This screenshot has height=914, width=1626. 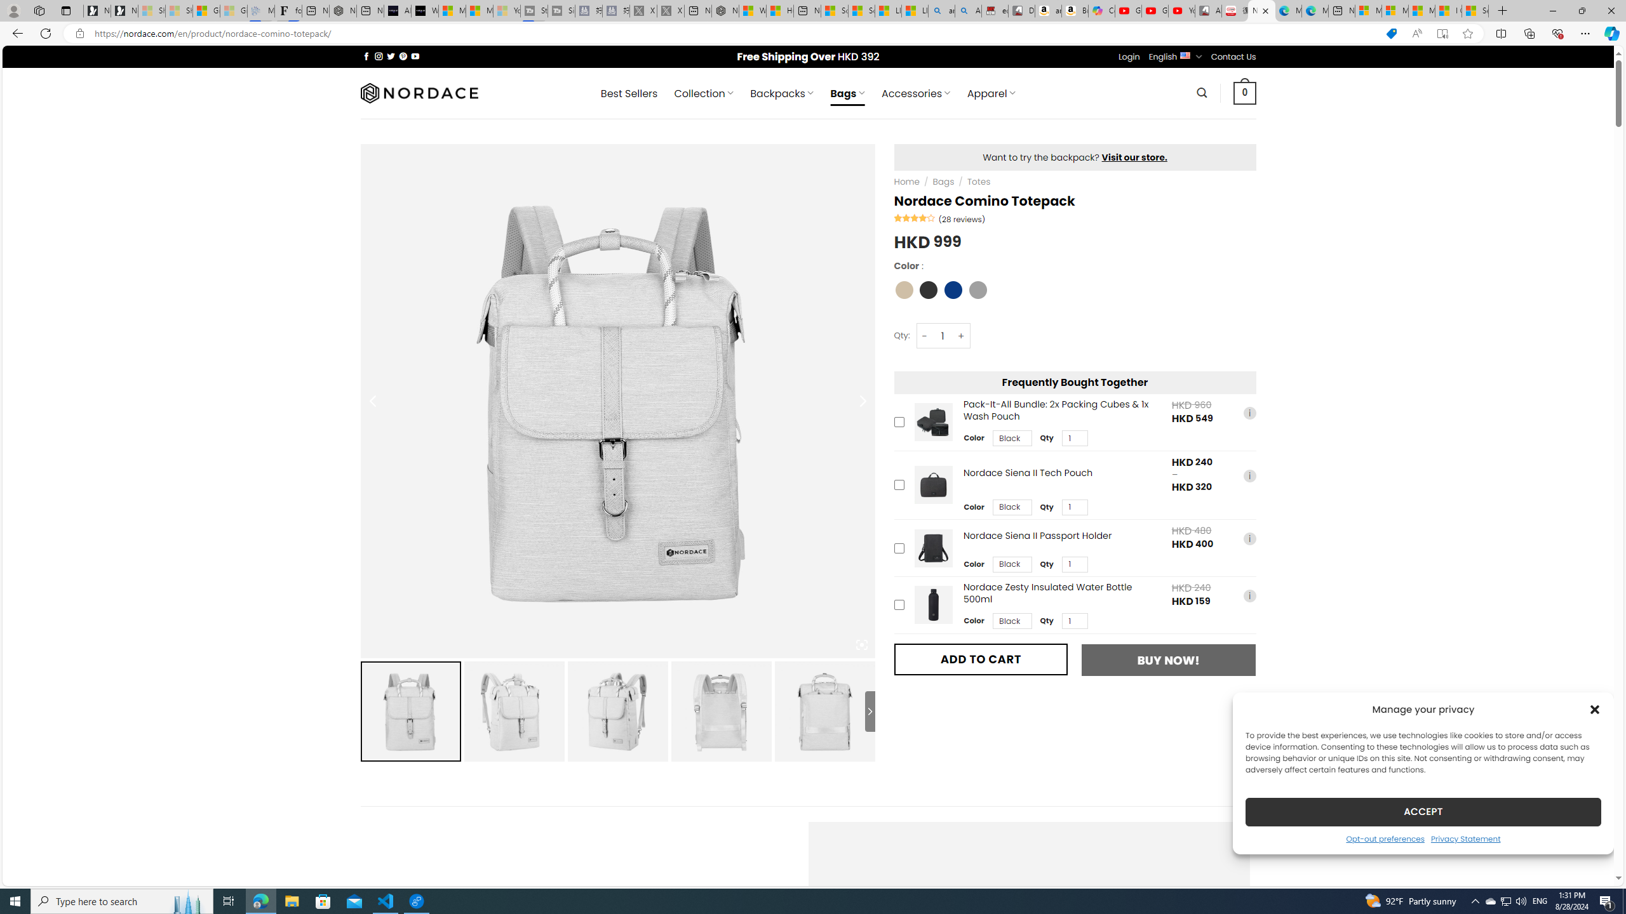 I want to click on 'Rated 4.07 out of 5', so click(x=915, y=216).